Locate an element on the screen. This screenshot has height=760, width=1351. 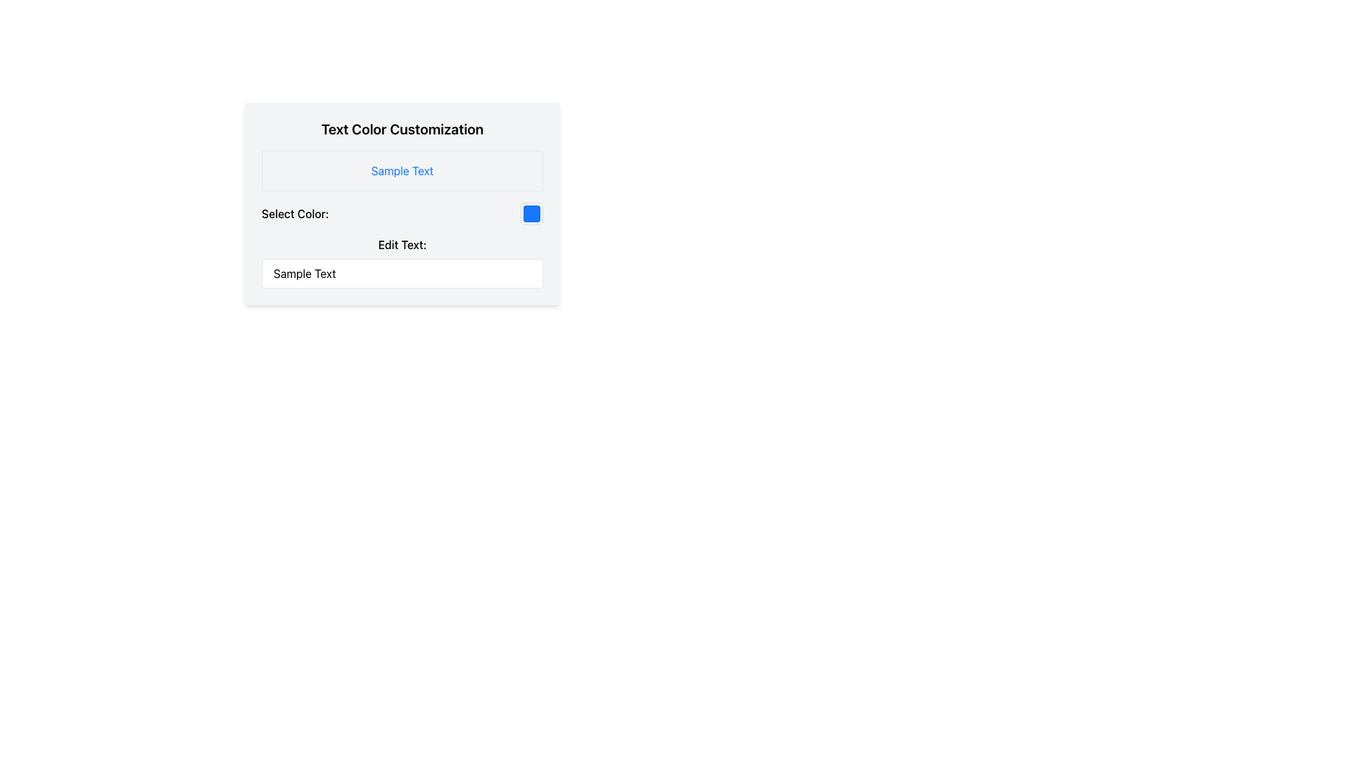
the static text label that reads 'Edit Text:', which is styled in a medium-sized bold font and positioned horizontally centered above the input box is located at coordinates (401, 243).